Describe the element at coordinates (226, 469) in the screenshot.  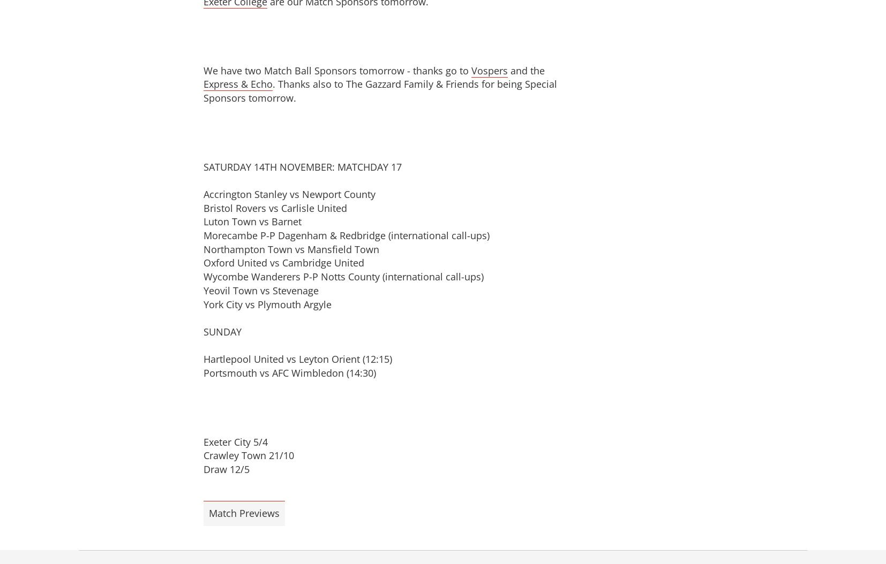
I see `'Draw 12/5'` at that location.